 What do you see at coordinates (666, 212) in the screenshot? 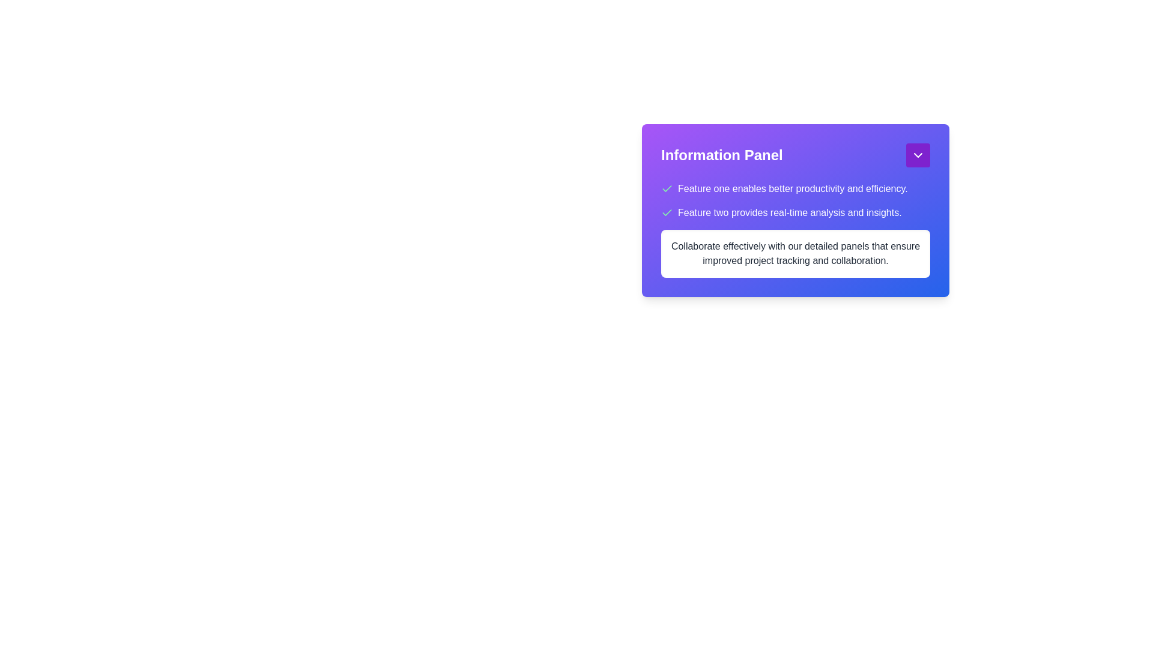
I see `the green check icon located in the Information Panel of the purple dialog box, which is associated with the feature 'Feature two provides real-time analysis and insights.'` at bounding box center [666, 212].